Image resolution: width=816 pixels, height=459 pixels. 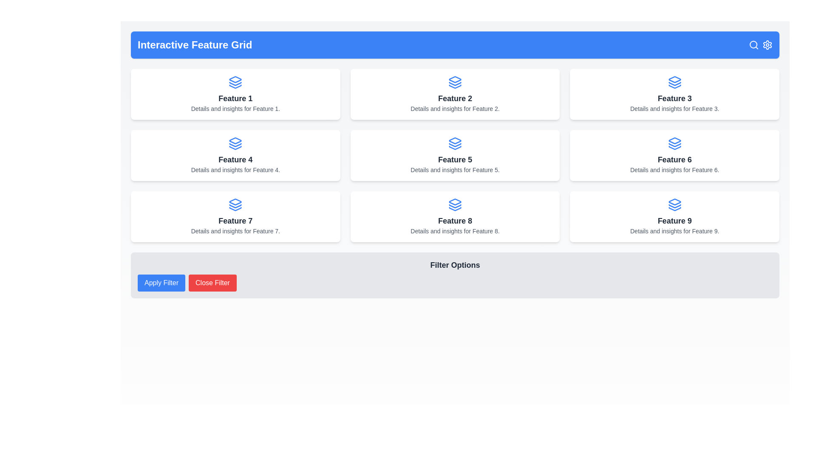 I want to click on the second line of descriptive static text in the card for 'Feature 7', located in the bottom row, third card from the left, so click(x=235, y=231).